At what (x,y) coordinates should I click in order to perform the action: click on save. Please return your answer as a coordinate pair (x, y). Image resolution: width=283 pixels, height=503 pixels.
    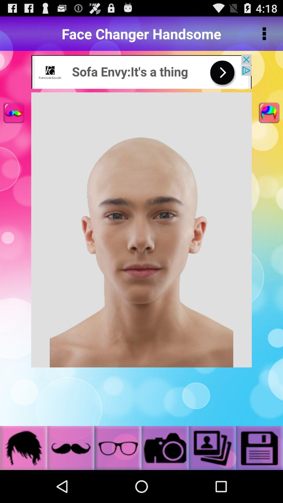
    Looking at the image, I should click on (259, 447).